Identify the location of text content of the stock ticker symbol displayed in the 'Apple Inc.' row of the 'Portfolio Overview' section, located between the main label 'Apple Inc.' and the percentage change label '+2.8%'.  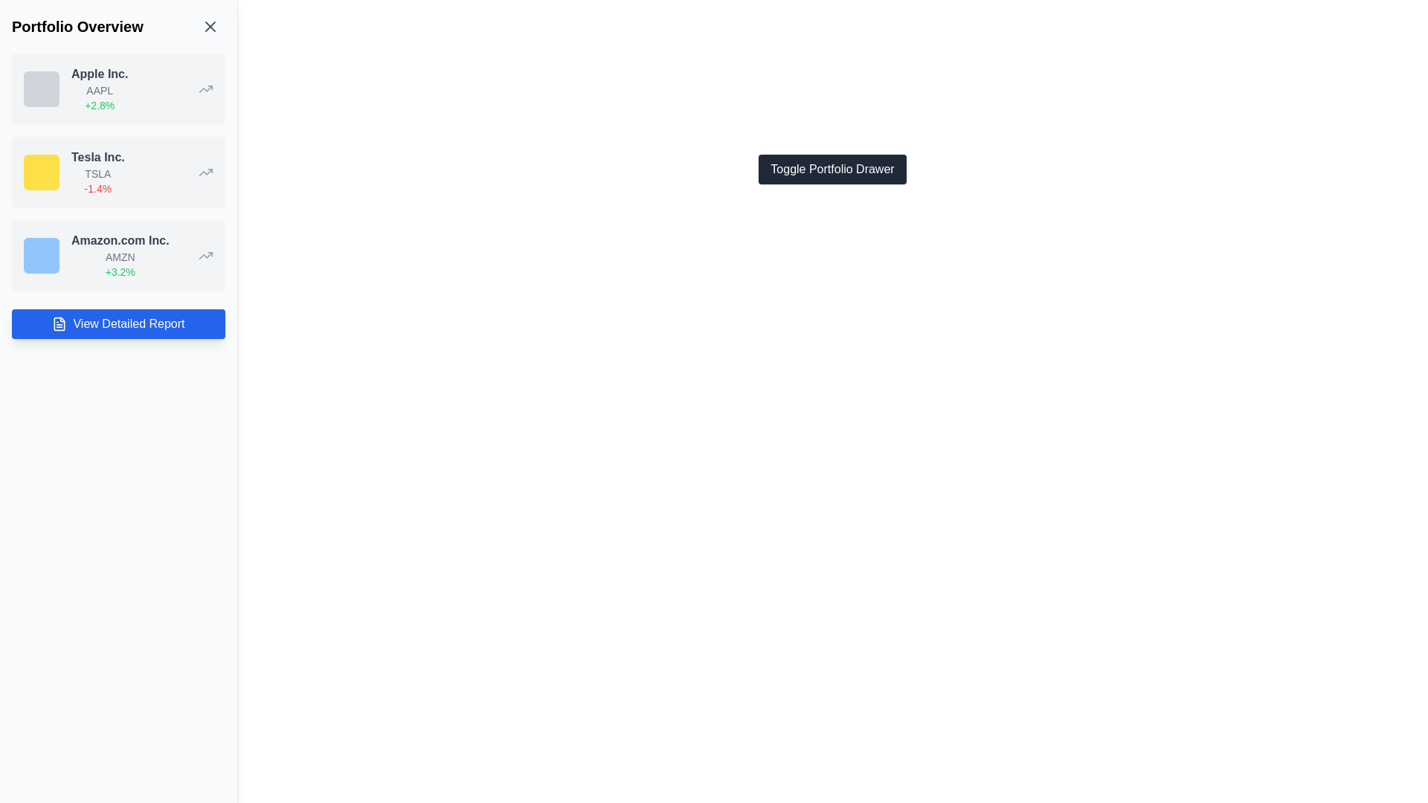
(99, 91).